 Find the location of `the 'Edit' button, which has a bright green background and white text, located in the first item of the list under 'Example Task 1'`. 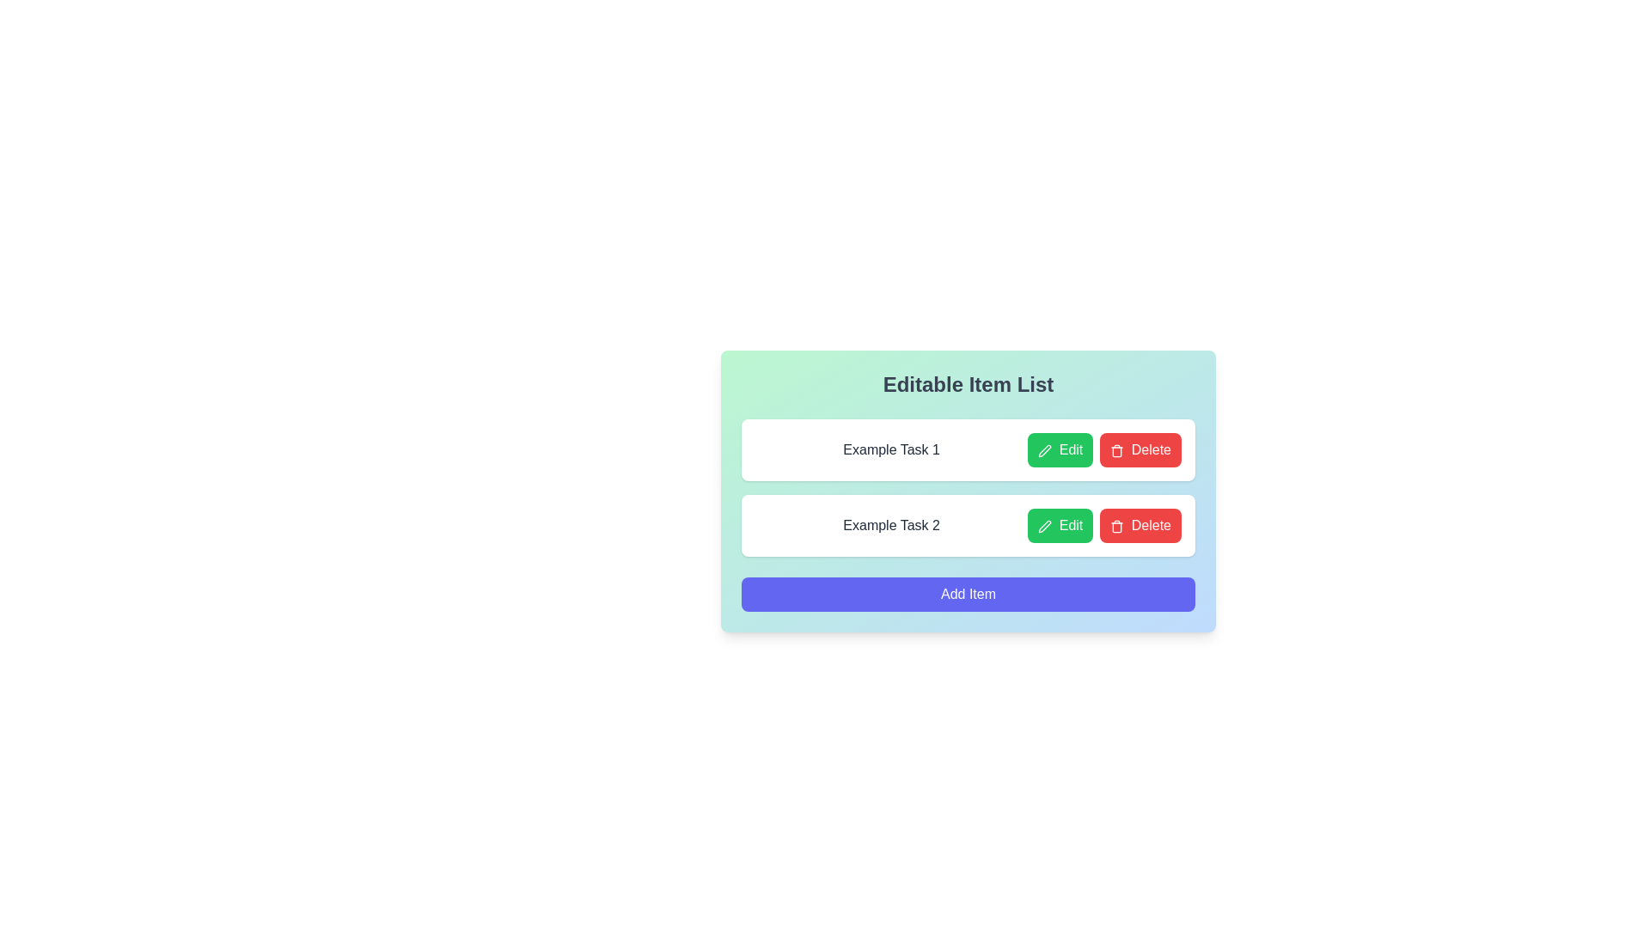

the 'Edit' button, which has a bright green background and white text, located in the first item of the list under 'Example Task 1' is located at coordinates (1060, 449).